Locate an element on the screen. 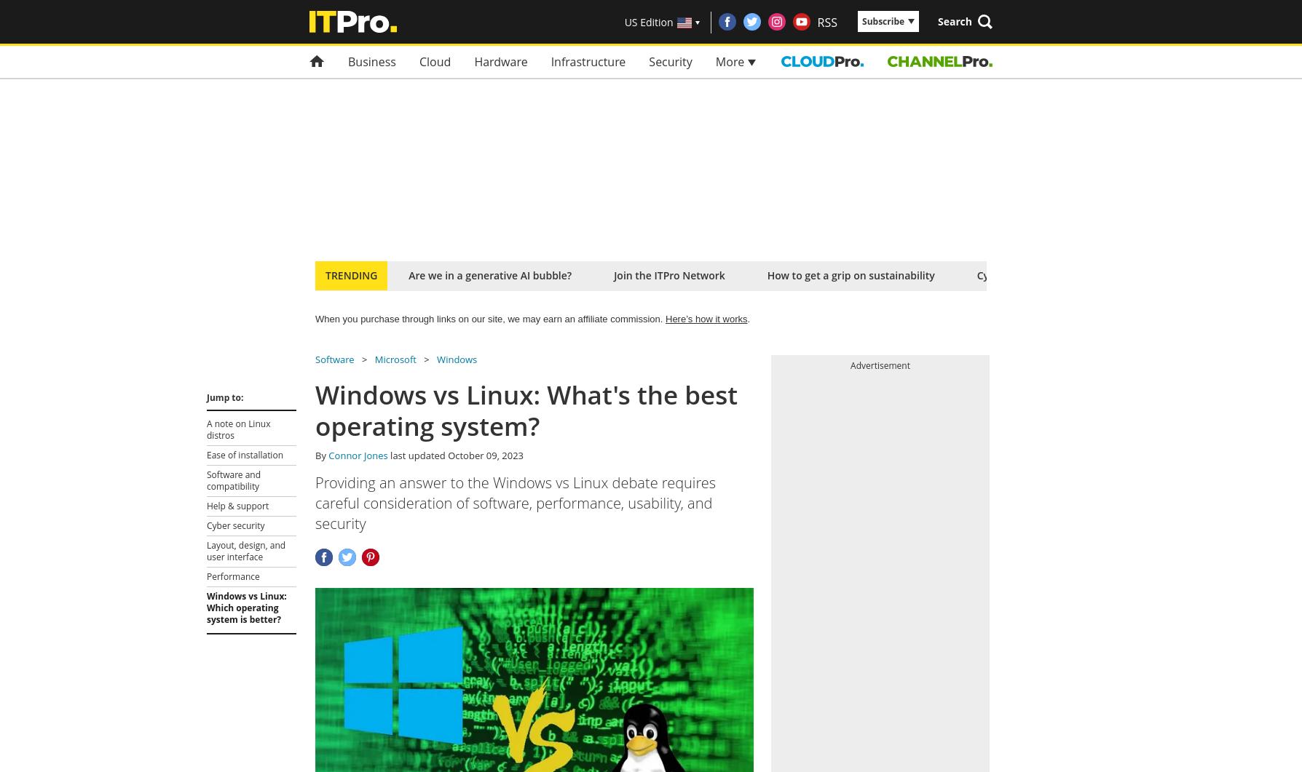  'When you purchase through links on our site, we may earn an affiliate commission.' is located at coordinates (489, 319).